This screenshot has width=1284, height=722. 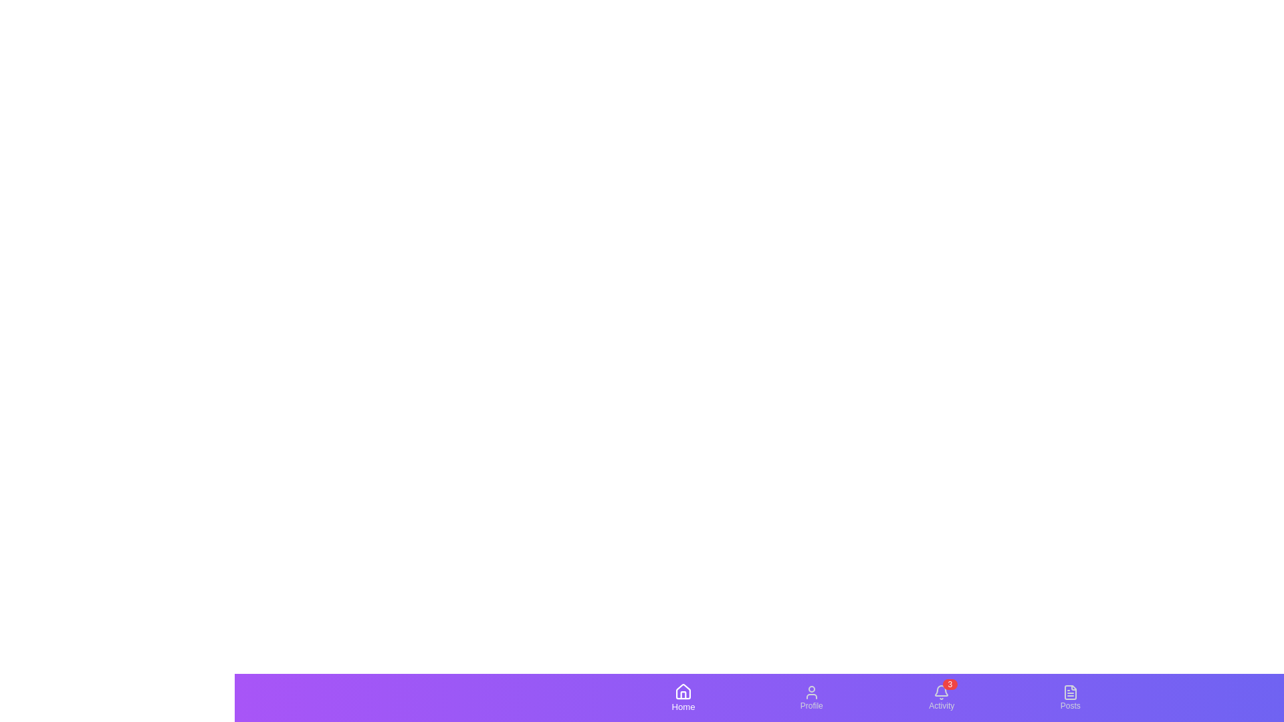 I want to click on the 'Activity' tab to view its notifications, so click(x=940, y=692).